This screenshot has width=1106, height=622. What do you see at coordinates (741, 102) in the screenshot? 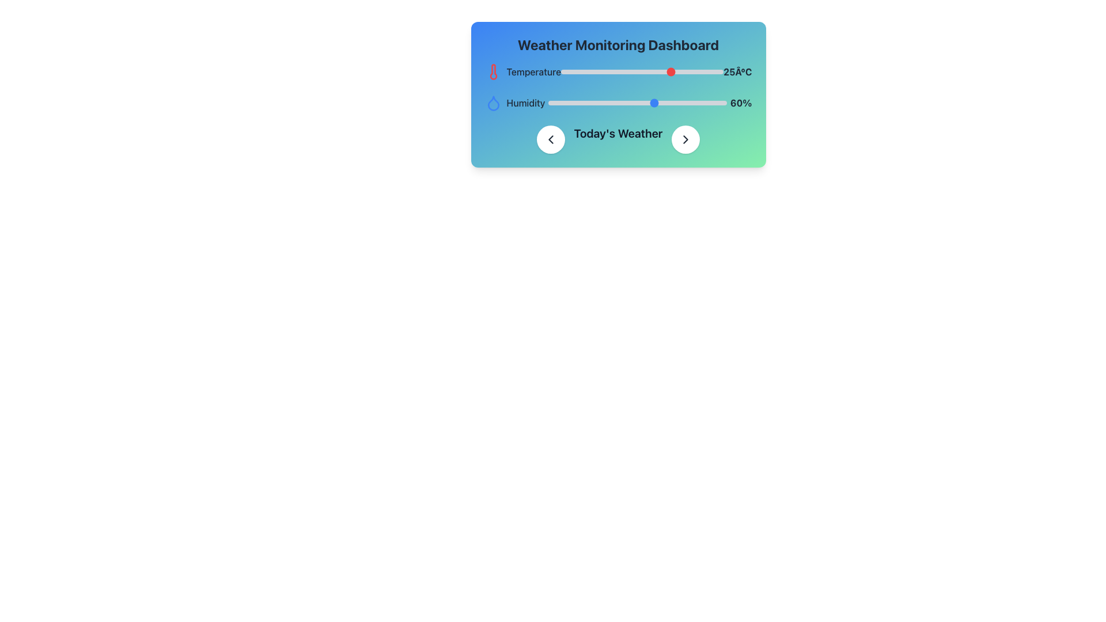
I see `the bold gray label displaying '60%' that indicates the humidity level, positioned to the right of the humidity slider` at bounding box center [741, 102].